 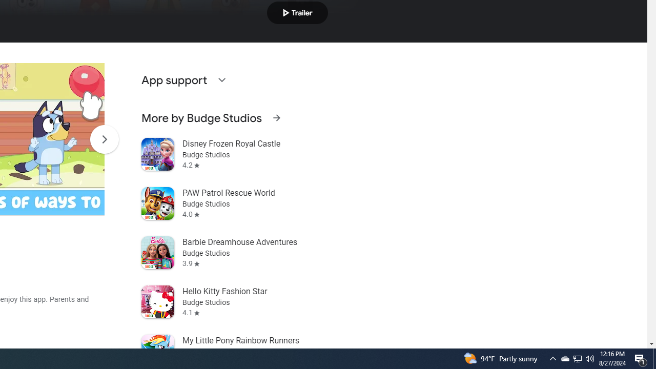 I want to click on 'Scroll Next', so click(x=104, y=139).